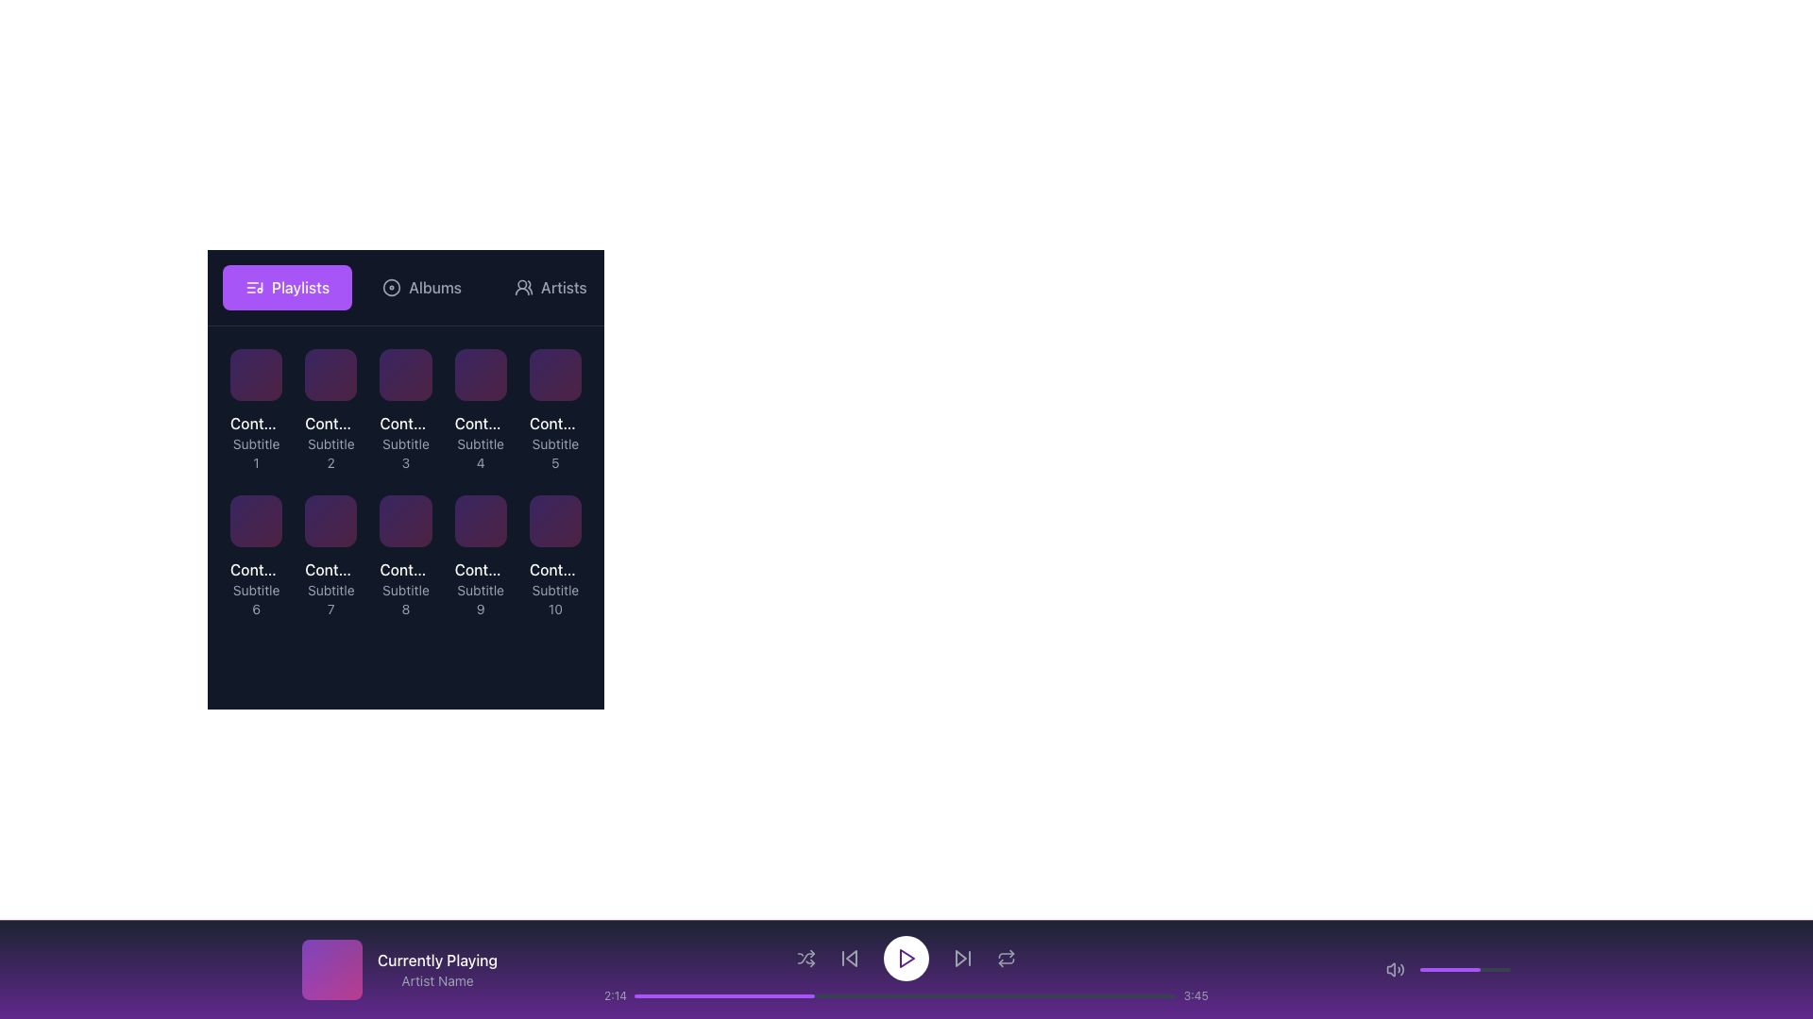 This screenshot has height=1019, width=1813. I want to click on the text label that reads 'Subtitle 10', which is positioned below the title 'Content Title 10' in the bottom row of the grid to possibly see a tooltip or emphasis effect, so click(554, 600).